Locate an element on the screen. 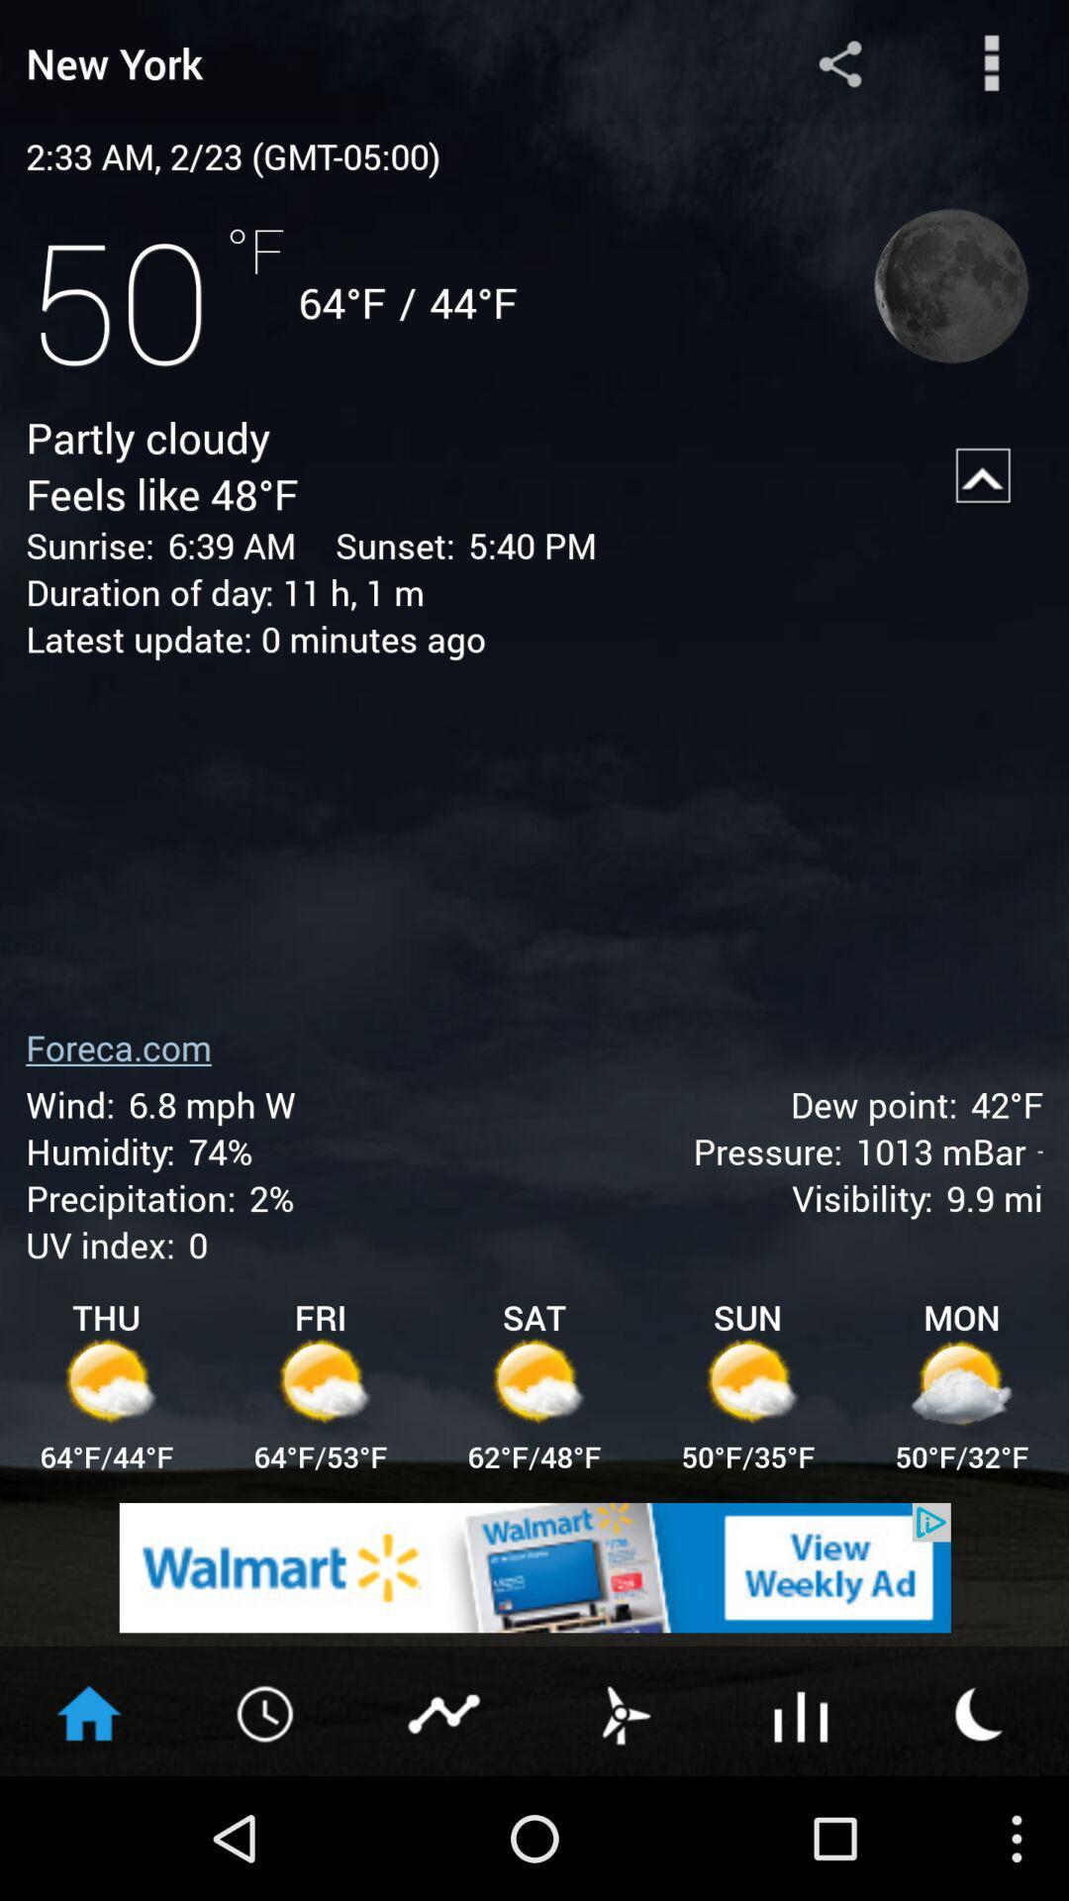  the home icon is located at coordinates (87, 1831).